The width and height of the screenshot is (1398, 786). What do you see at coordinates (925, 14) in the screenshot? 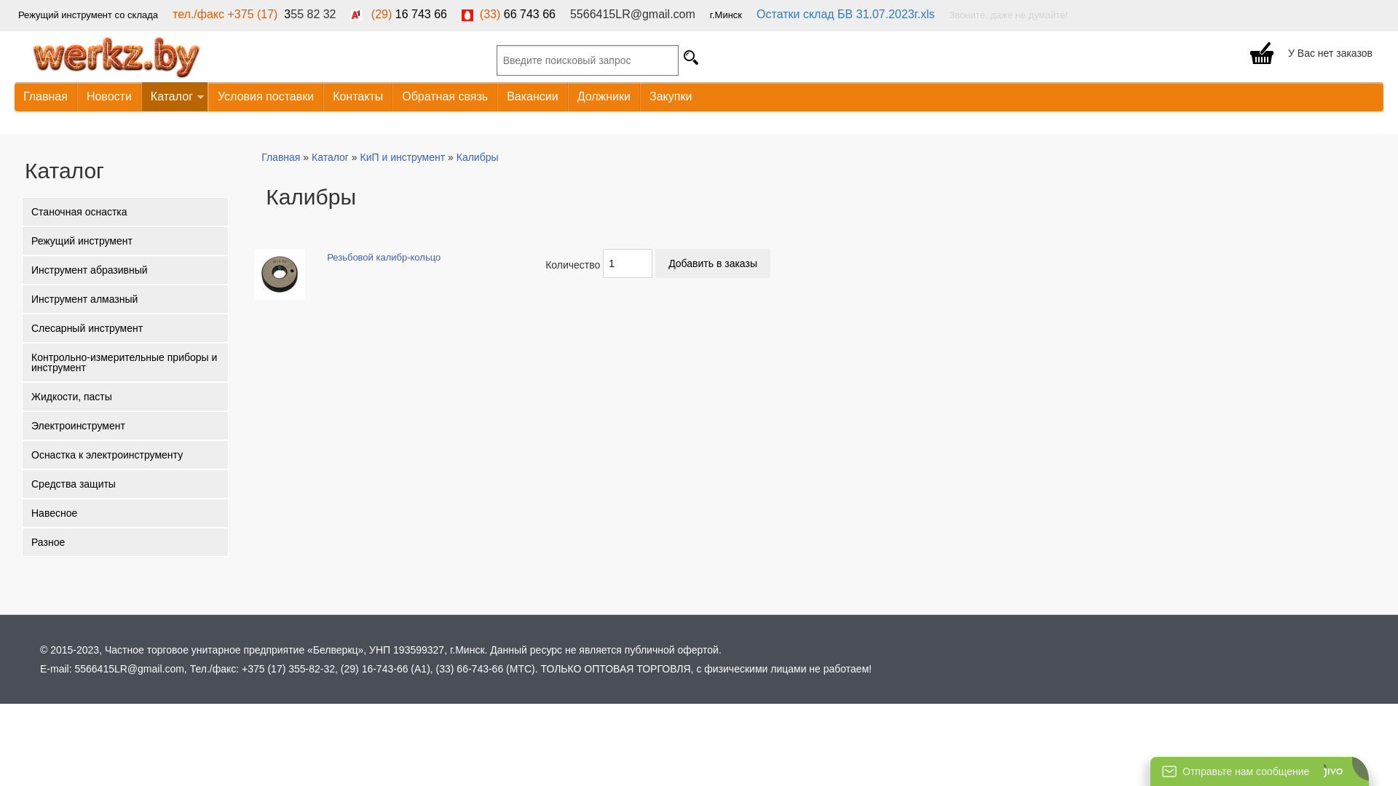
I see `'.xls'` at bounding box center [925, 14].